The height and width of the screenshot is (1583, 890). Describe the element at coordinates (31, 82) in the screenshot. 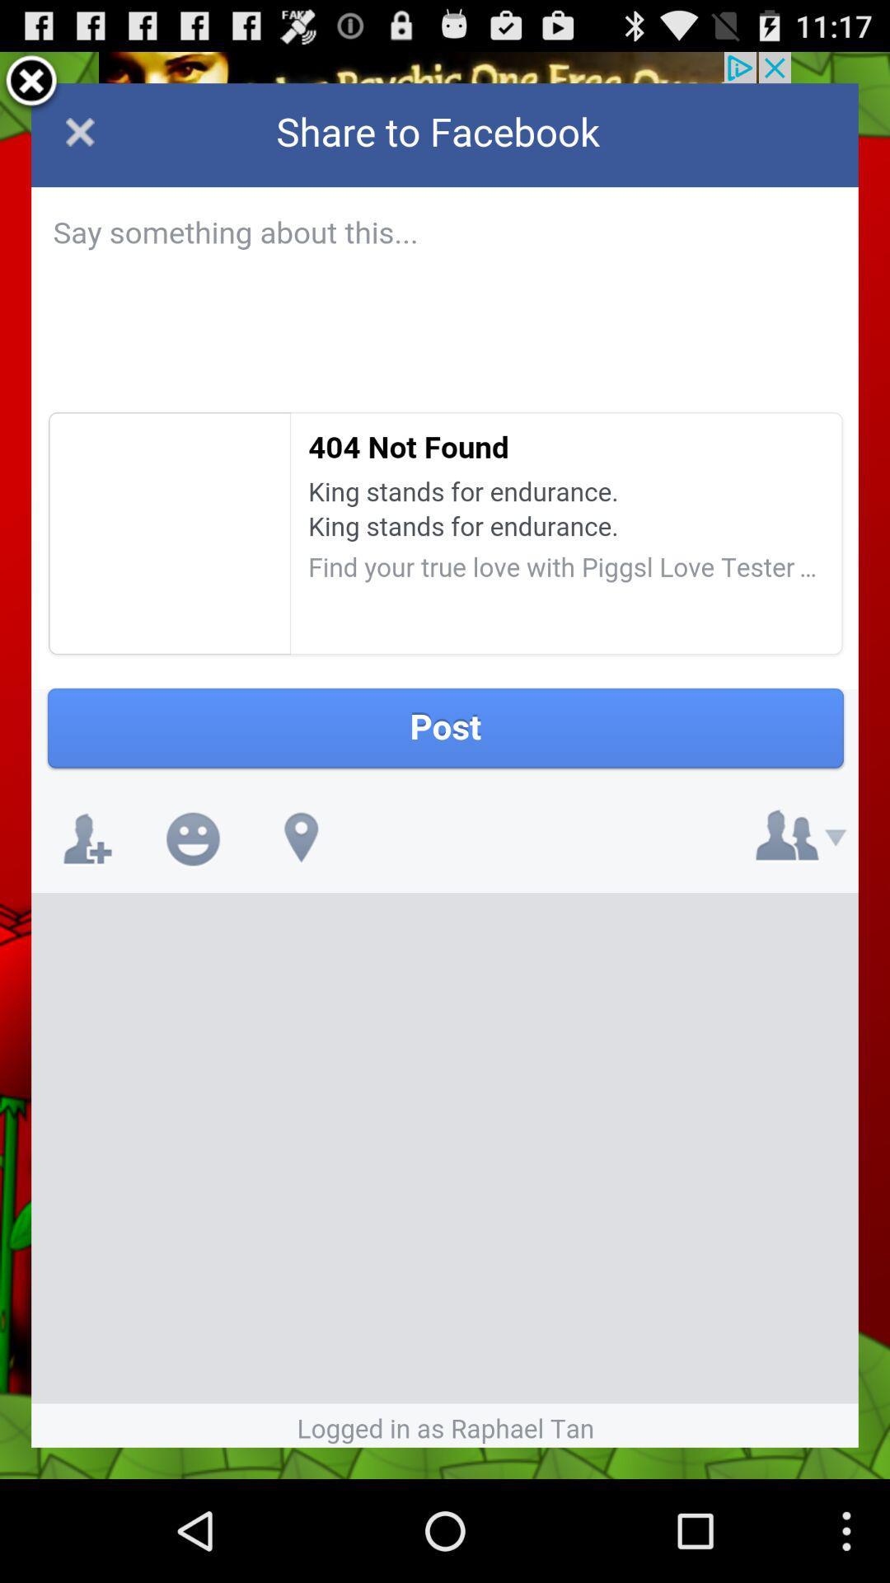

I see `tab` at that location.